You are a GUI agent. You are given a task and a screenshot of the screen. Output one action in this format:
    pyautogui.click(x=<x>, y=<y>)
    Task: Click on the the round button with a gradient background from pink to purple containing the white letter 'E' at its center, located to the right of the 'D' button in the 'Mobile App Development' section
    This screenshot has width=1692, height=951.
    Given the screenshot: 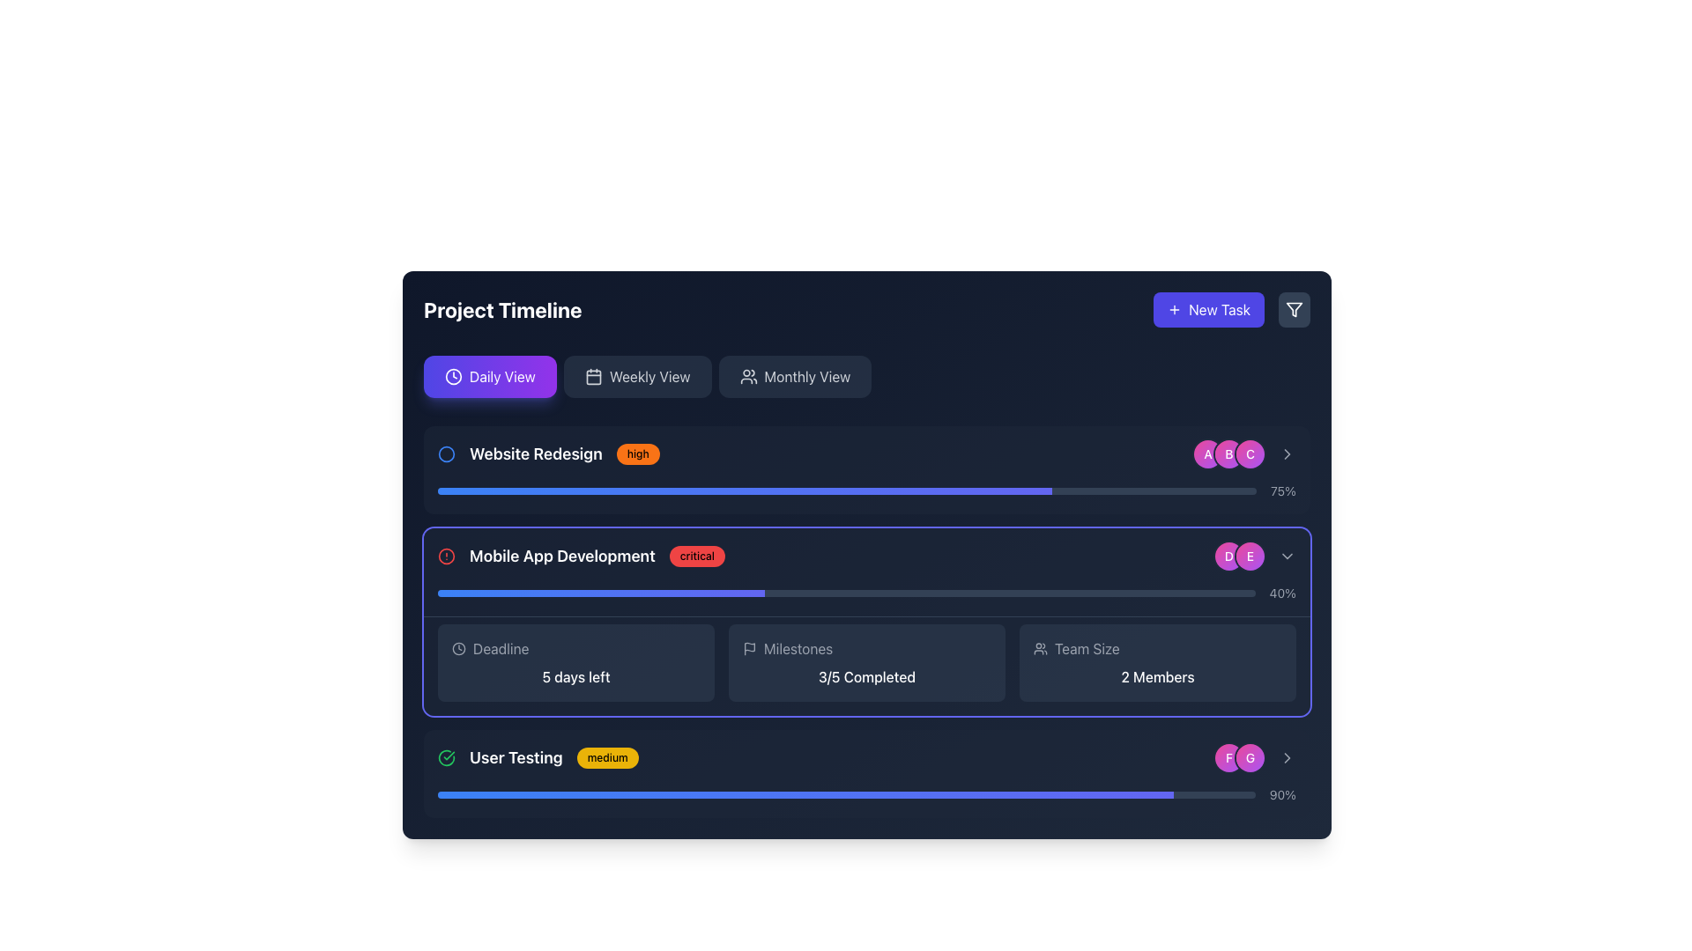 What is the action you would take?
    pyautogui.click(x=1255, y=557)
    